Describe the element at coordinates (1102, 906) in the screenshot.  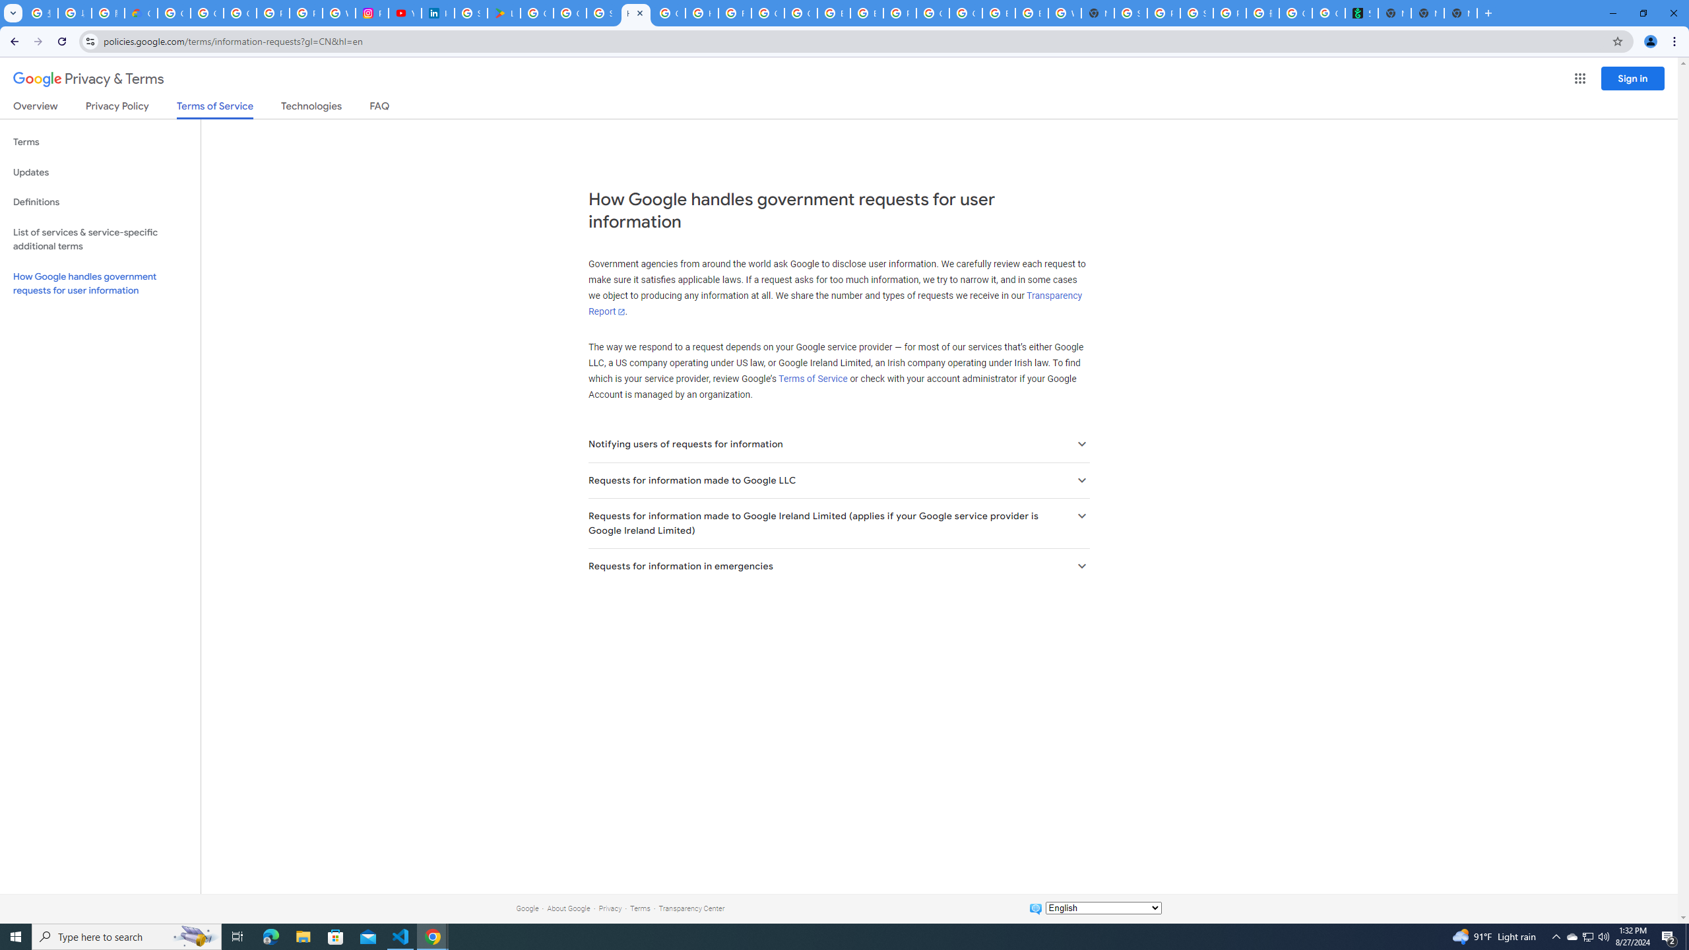
I see `'Change language:'` at that location.